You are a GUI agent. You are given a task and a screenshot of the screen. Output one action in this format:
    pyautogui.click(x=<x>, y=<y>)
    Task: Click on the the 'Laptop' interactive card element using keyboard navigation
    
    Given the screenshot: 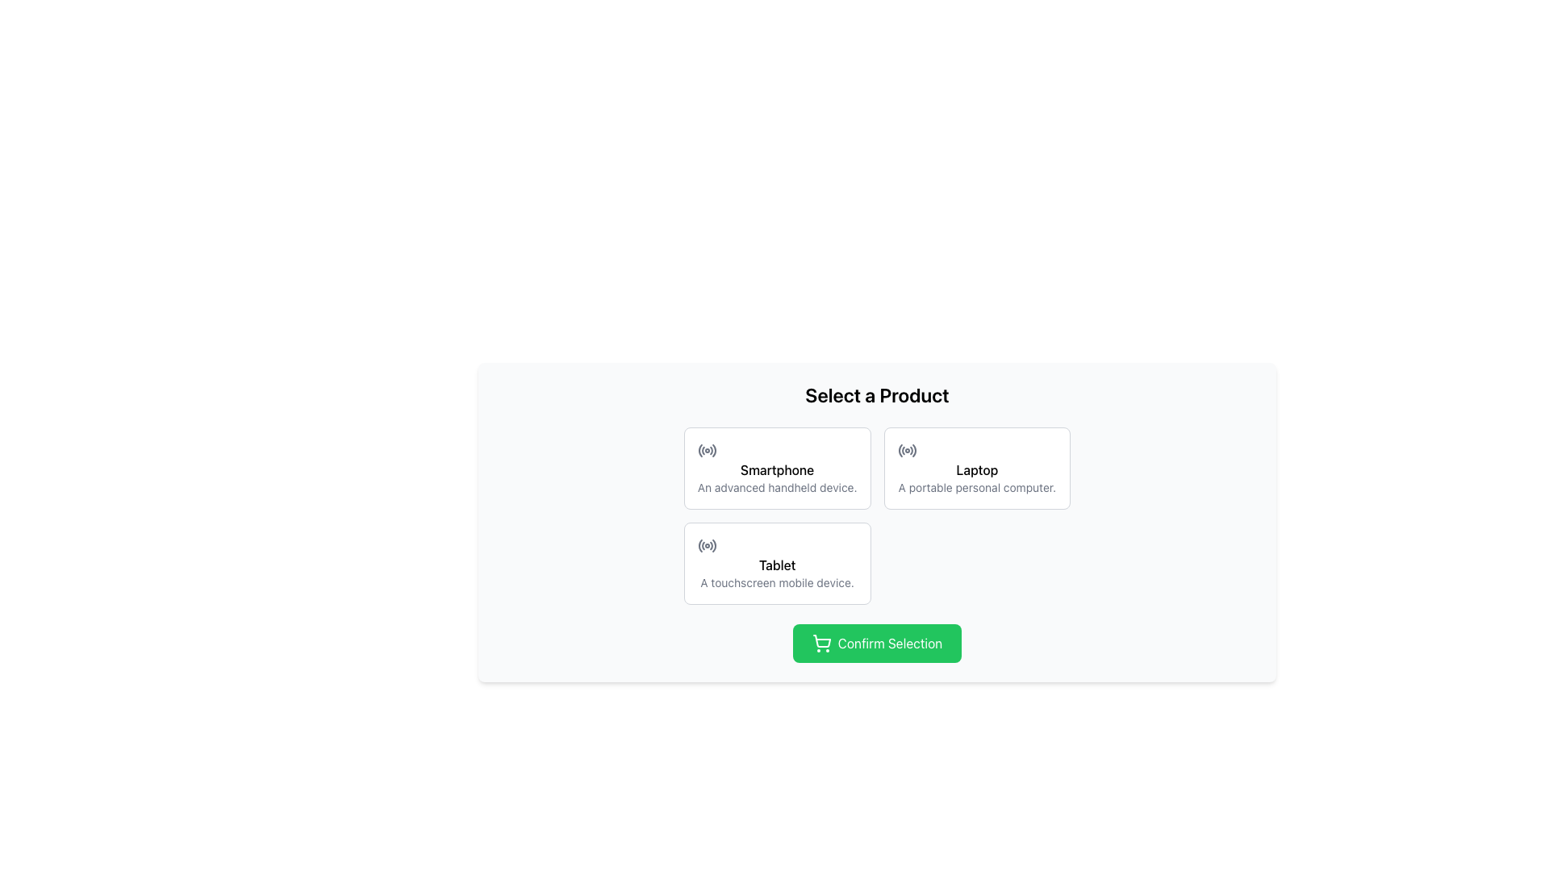 What is the action you would take?
    pyautogui.click(x=976, y=469)
    